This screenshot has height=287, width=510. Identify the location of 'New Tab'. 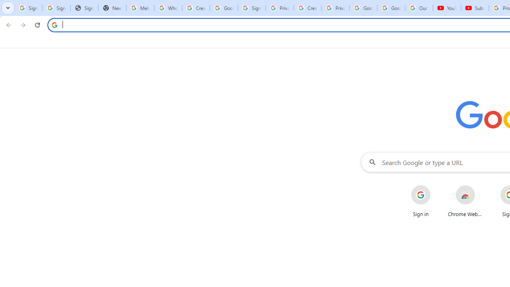
(112, 8).